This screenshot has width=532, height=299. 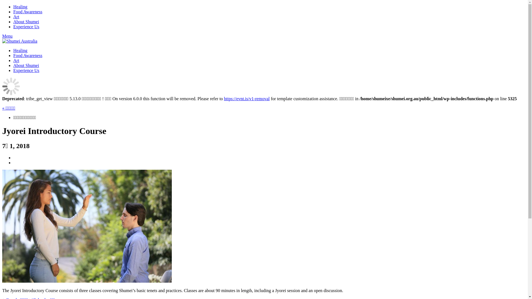 What do you see at coordinates (7, 36) in the screenshot?
I see `'Menu'` at bounding box center [7, 36].